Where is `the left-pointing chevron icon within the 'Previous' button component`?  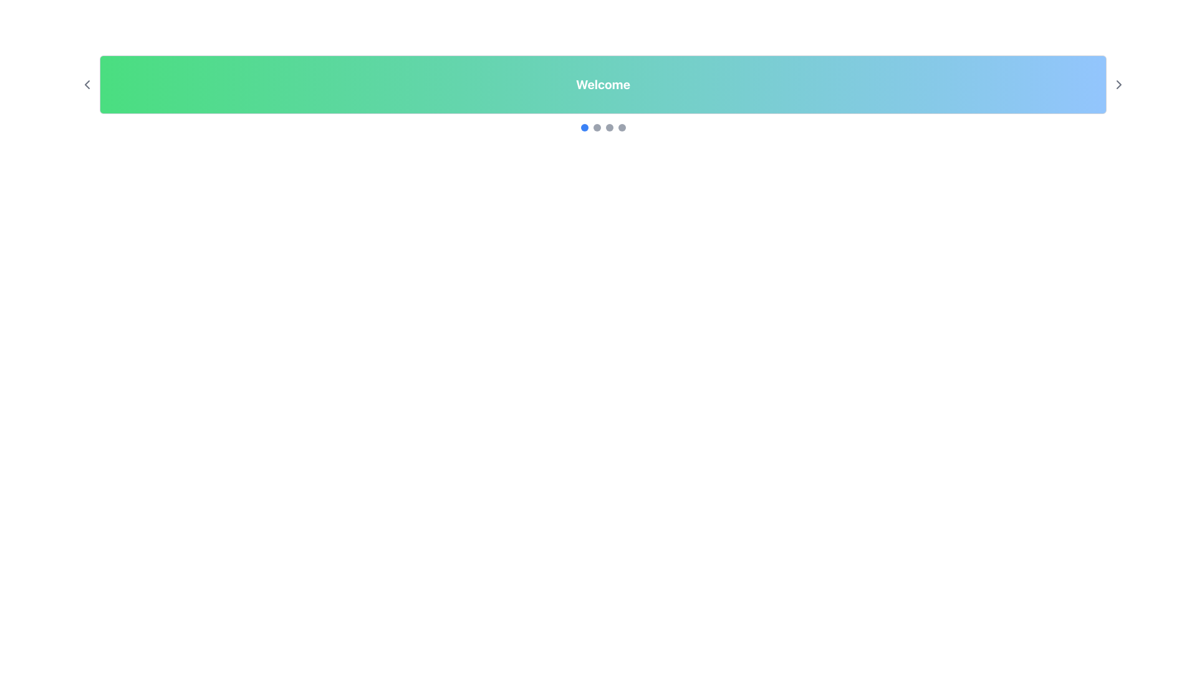
the left-pointing chevron icon within the 'Previous' button component is located at coordinates (86, 84).